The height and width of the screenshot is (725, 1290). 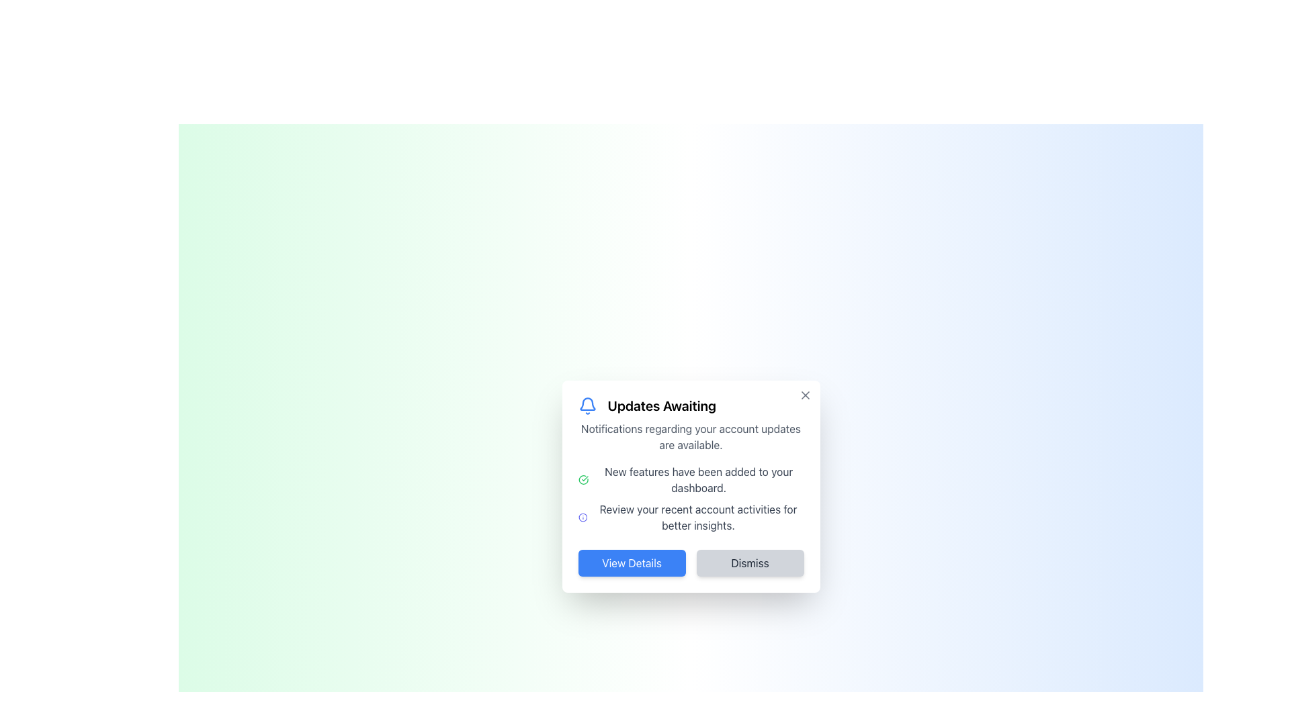 What do you see at coordinates (749, 563) in the screenshot?
I see `the 'Dismiss' button located on the right side of the 'View Details' button` at bounding box center [749, 563].